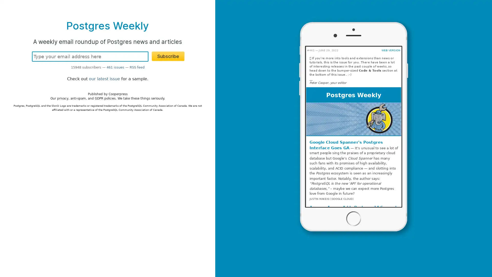 The height and width of the screenshot is (277, 492). What do you see at coordinates (168, 56) in the screenshot?
I see `Subscribe` at bounding box center [168, 56].